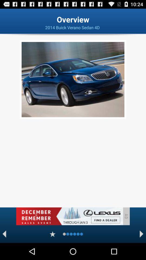  Describe the element at coordinates (4, 250) in the screenshot. I see `the arrow_backward icon` at that location.